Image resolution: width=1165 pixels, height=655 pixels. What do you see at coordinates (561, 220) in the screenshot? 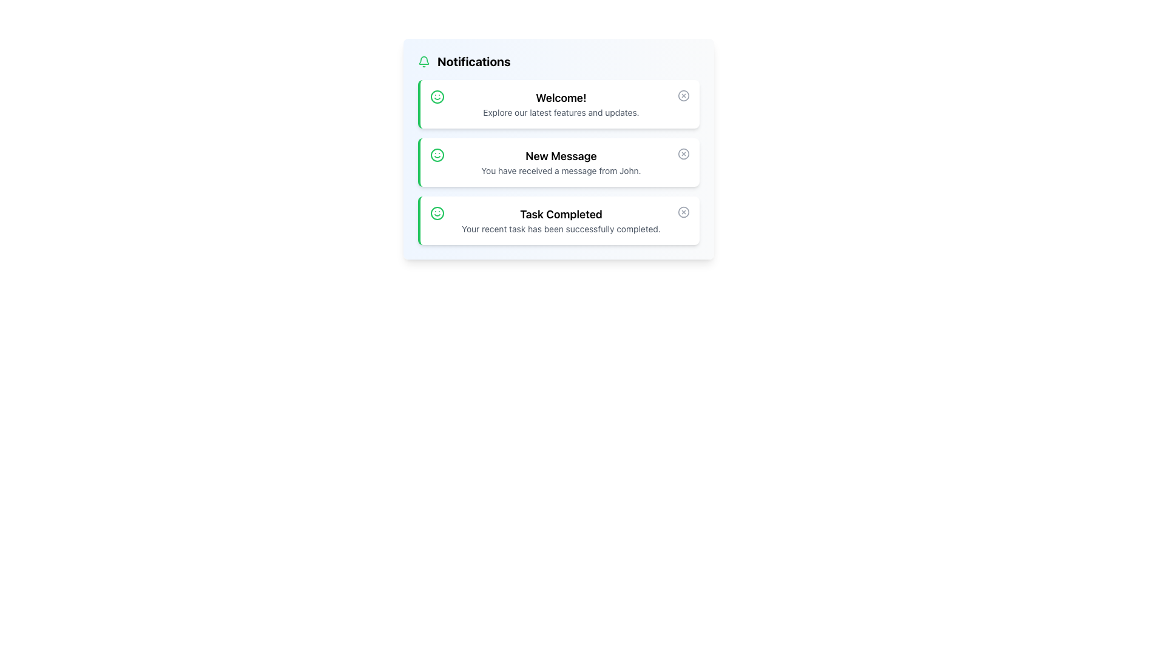
I see `the text display element that shows 'Task Completed' in bold and larger font, part of the notification box under 'Notifications'` at bounding box center [561, 220].